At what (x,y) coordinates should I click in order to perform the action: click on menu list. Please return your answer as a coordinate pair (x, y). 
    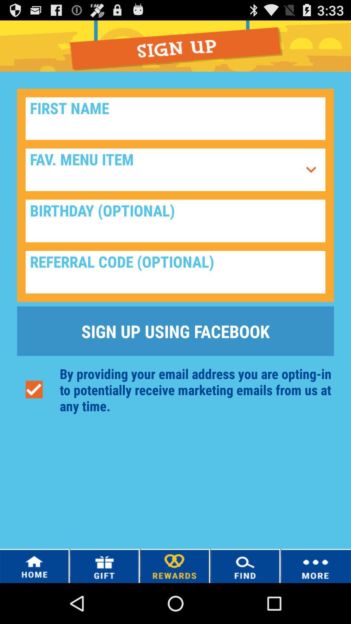
    Looking at the image, I should click on (311, 170).